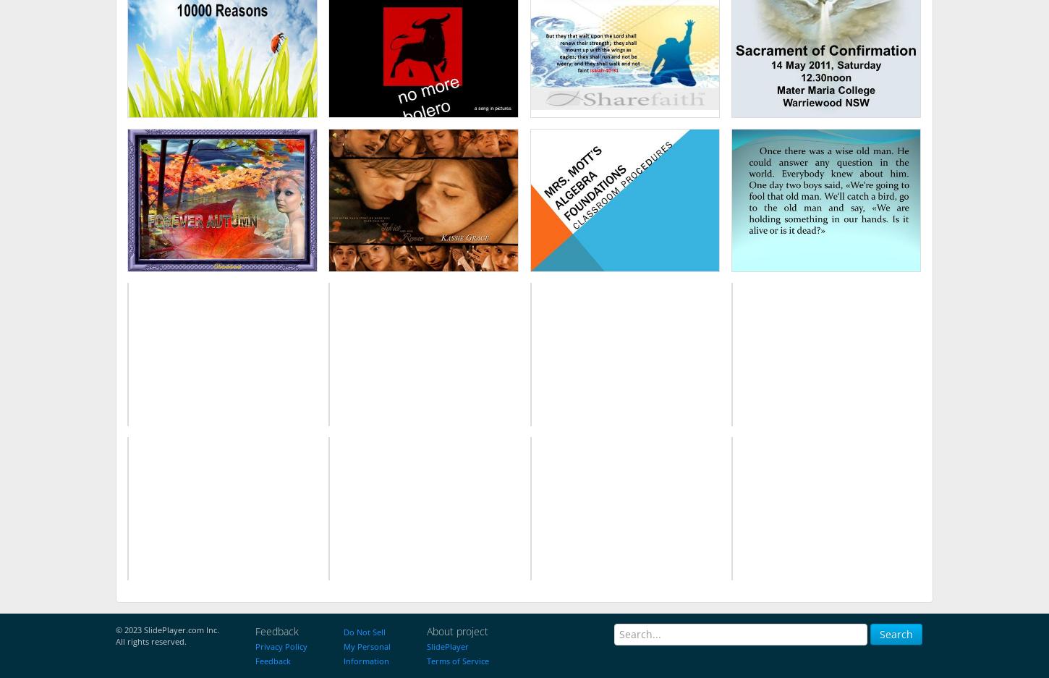 The image size is (1049, 678). I want to click on '© 2023 SlidePlayer.com Inc.', so click(166, 628).